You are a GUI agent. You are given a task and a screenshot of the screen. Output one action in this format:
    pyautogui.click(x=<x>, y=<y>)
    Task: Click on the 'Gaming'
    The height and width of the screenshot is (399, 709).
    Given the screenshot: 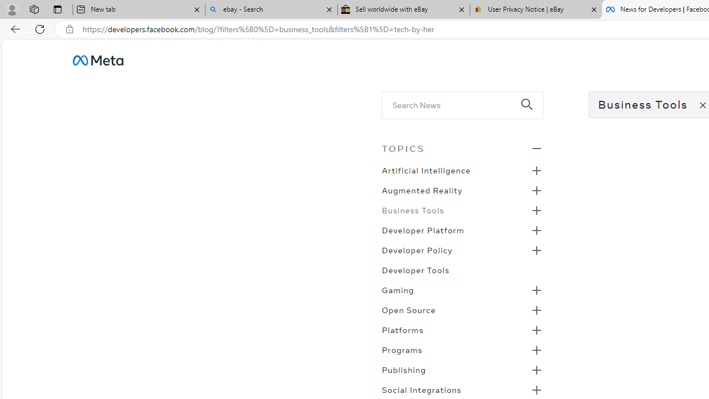 What is the action you would take?
    pyautogui.click(x=398, y=289)
    